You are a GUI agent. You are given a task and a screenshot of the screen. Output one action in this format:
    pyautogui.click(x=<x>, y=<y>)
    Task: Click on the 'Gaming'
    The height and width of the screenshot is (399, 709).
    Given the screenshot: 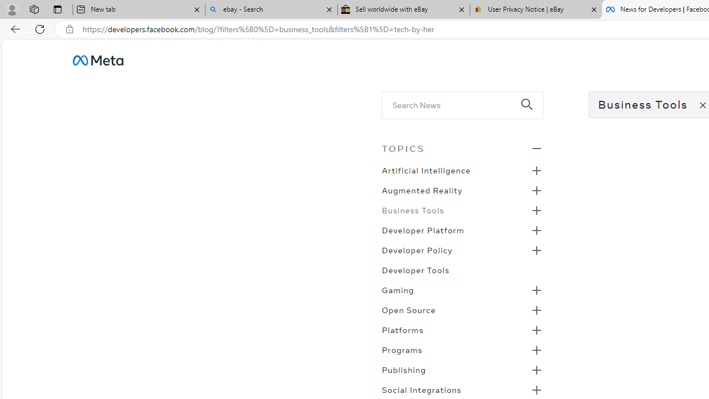 What is the action you would take?
    pyautogui.click(x=398, y=289)
    